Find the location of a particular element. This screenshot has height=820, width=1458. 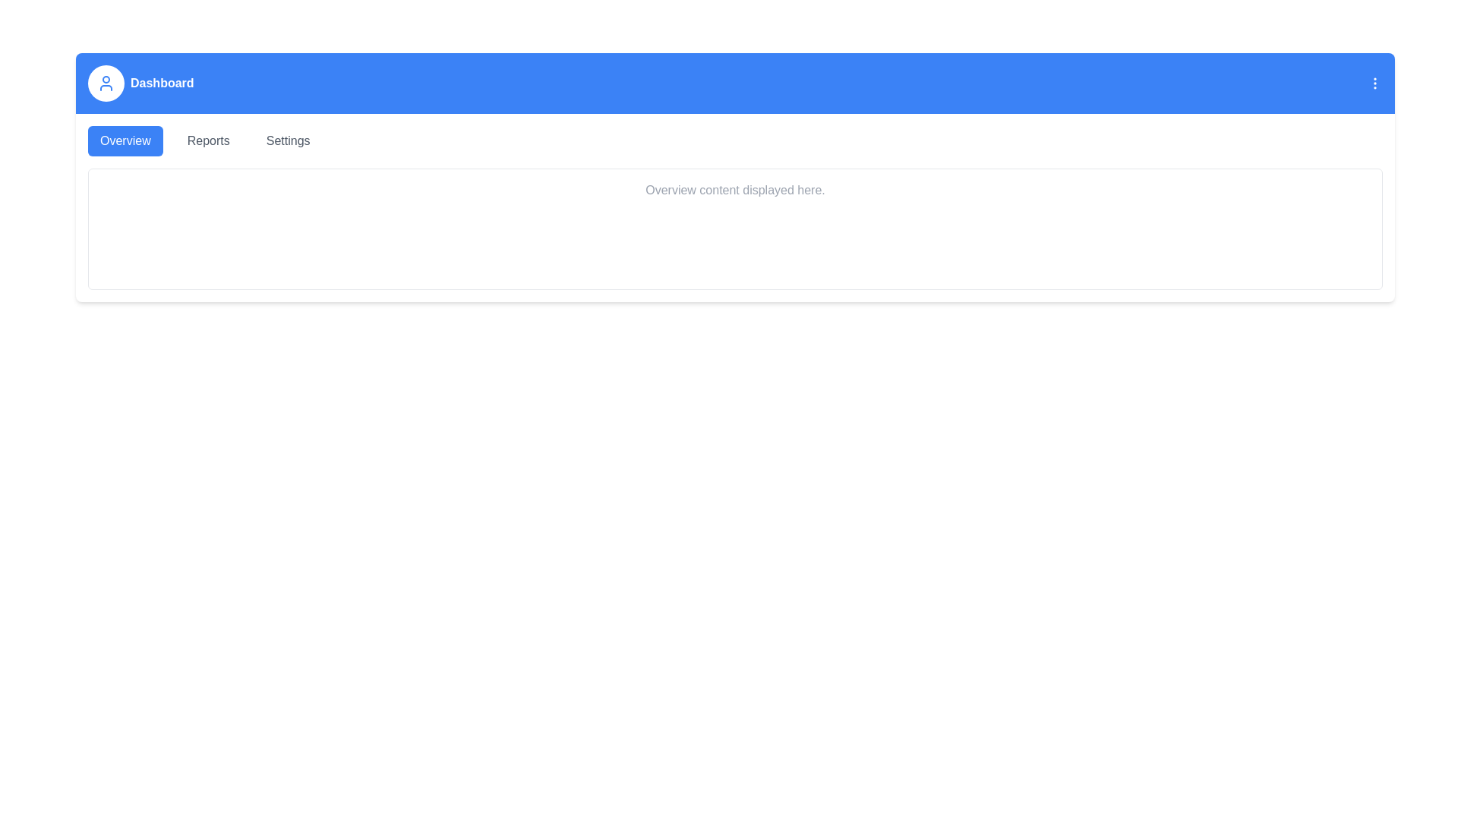

the circular button-like component with a blue user icon located in the top-left corner adjacent to the text 'Dashboard' is located at coordinates (105, 84).